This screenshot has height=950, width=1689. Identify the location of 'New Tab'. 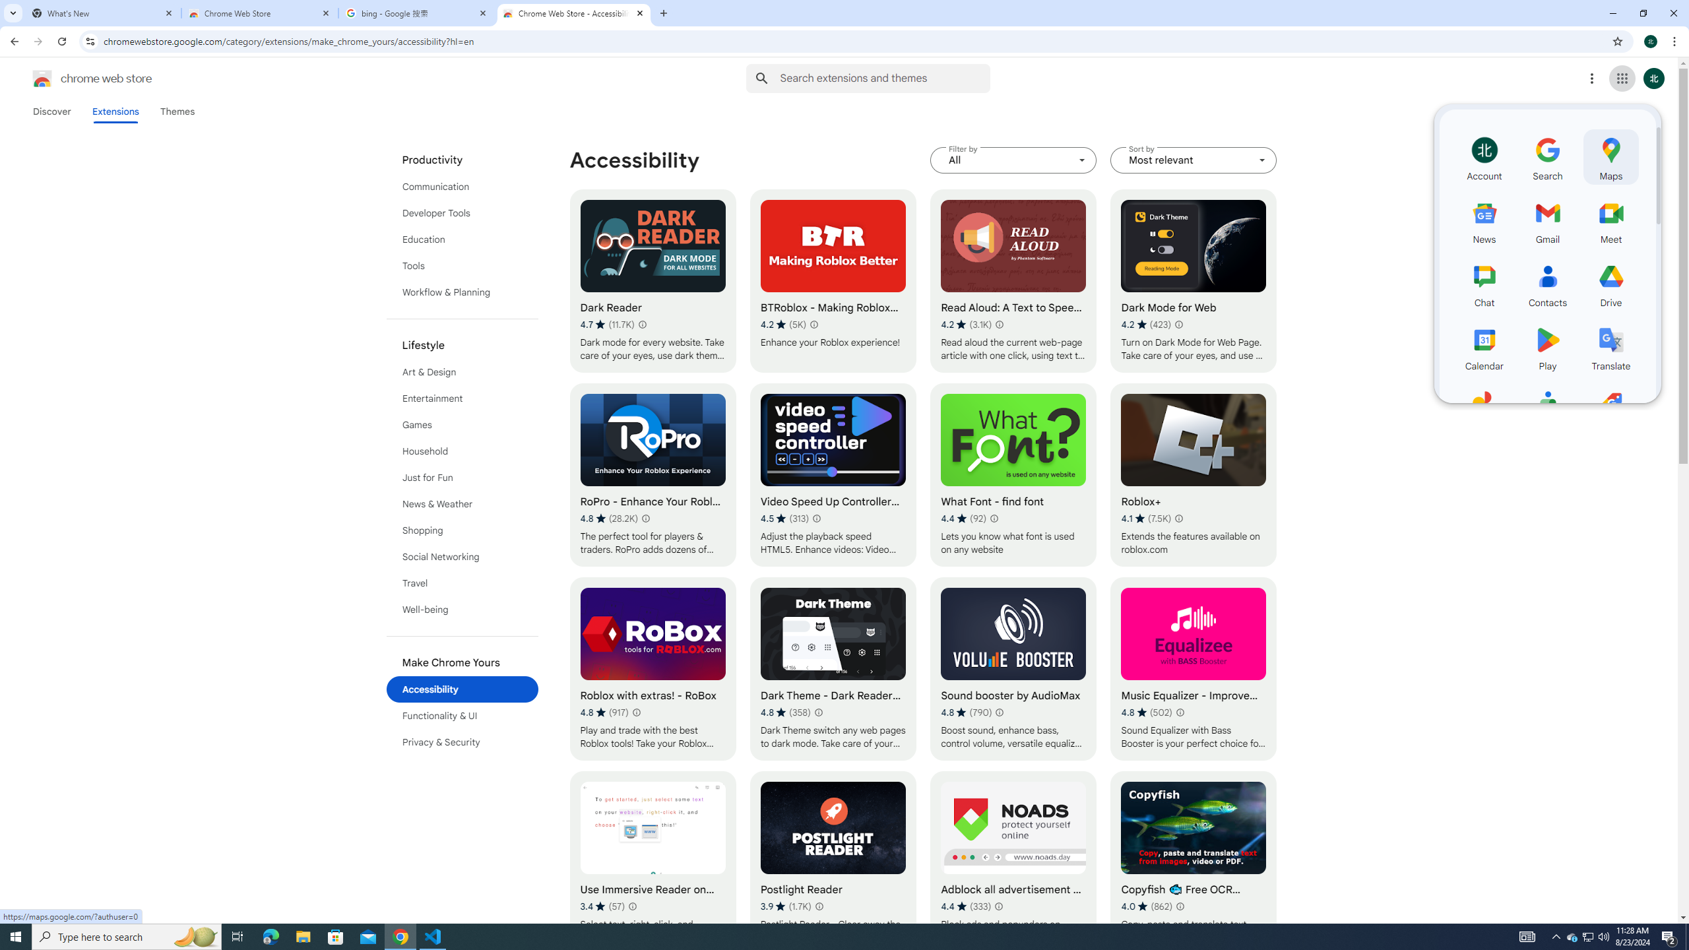
(664, 13).